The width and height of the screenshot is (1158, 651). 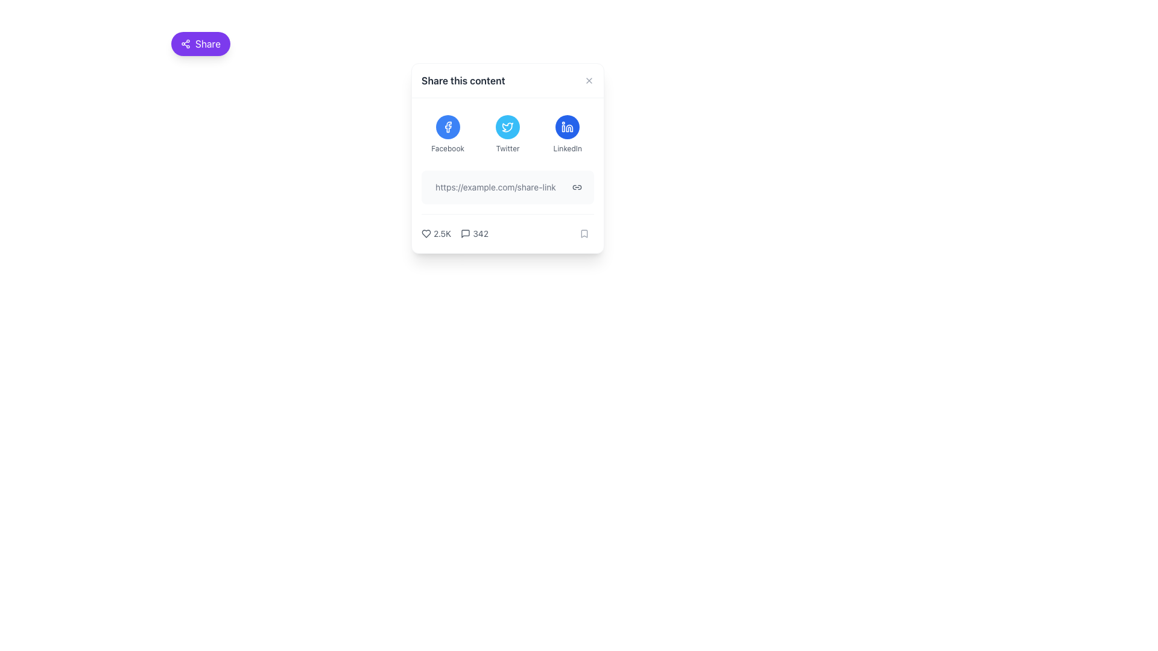 I want to click on the LinkedIn button, which has a blue circular icon with the white LinkedIn logo and the text 'LinkedIn' below it, so click(x=567, y=134).